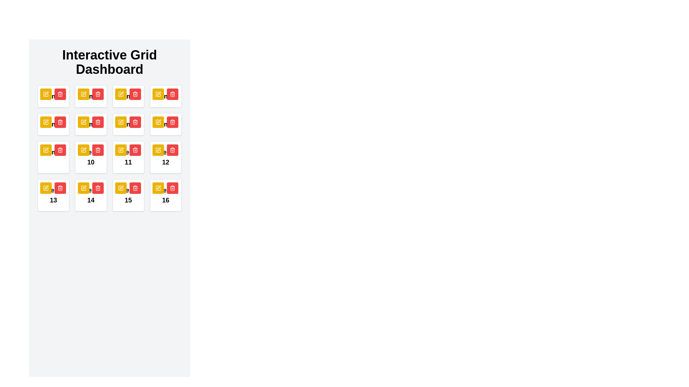 This screenshot has height=387, width=689. What do you see at coordinates (90, 124) in the screenshot?
I see `the yellow button with a pencil icon located at the top-right corner of the Interactive card component labeled 'Item 6' in the Interactive Grid Dashboard` at bounding box center [90, 124].